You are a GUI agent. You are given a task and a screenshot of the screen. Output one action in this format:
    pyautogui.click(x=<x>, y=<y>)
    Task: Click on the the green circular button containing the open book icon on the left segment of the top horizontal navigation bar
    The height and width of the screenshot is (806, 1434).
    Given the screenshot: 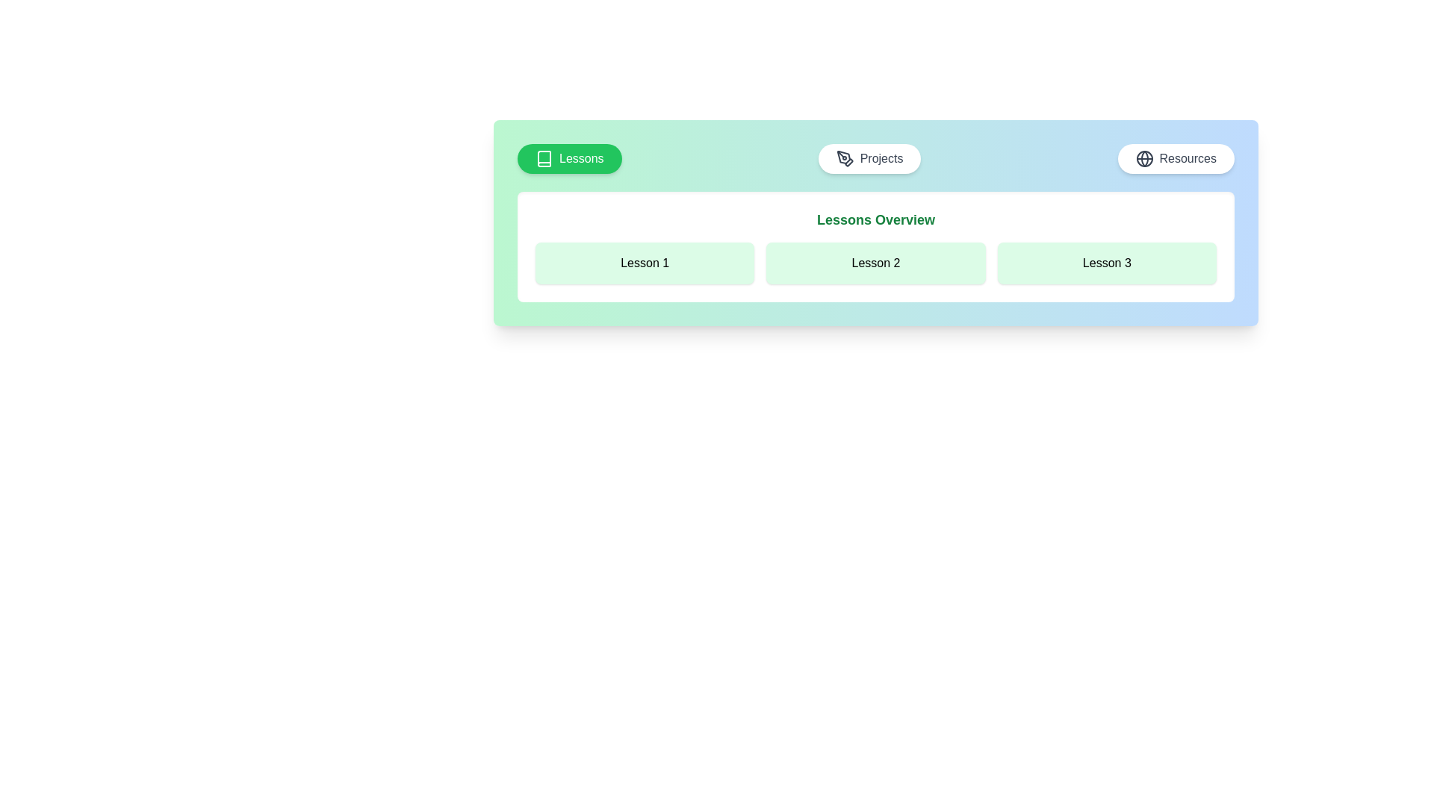 What is the action you would take?
    pyautogui.click(x=544, y=158)
    